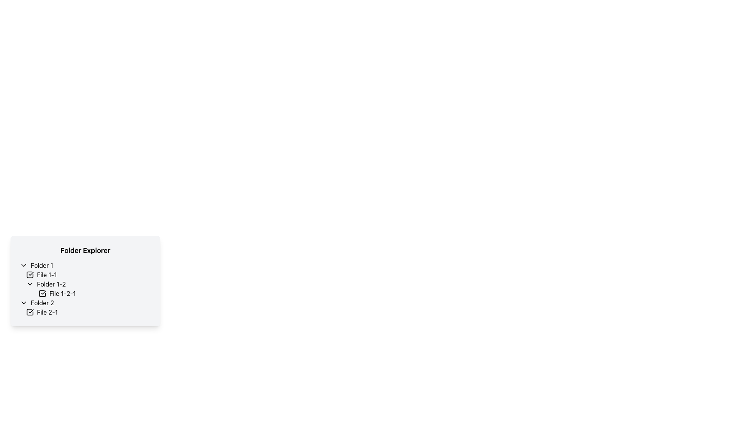 The image size is (749, 421). What do you see at coordinates (24, 302) in the screenshot?
I see `the icon-based button` at bounding box center [24, 302].